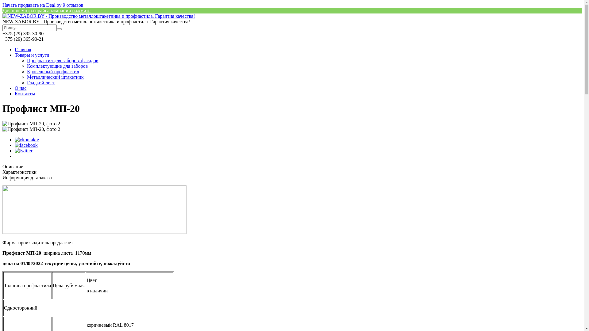 This screenshot has height=331, width=589. What do you see at coordinates (26, 145) in the screenshot?
I see `'facebook'` at bounding box center [26, 145].